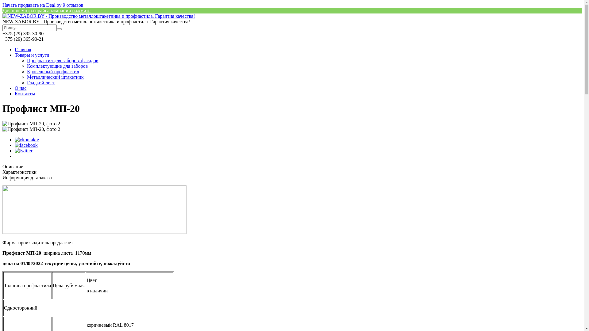 This screenshot has height=331, width=589. What do you see at coordinates (26, 145) in the screenshot?
I see `'facebook'` at bounding box center [26, 145].